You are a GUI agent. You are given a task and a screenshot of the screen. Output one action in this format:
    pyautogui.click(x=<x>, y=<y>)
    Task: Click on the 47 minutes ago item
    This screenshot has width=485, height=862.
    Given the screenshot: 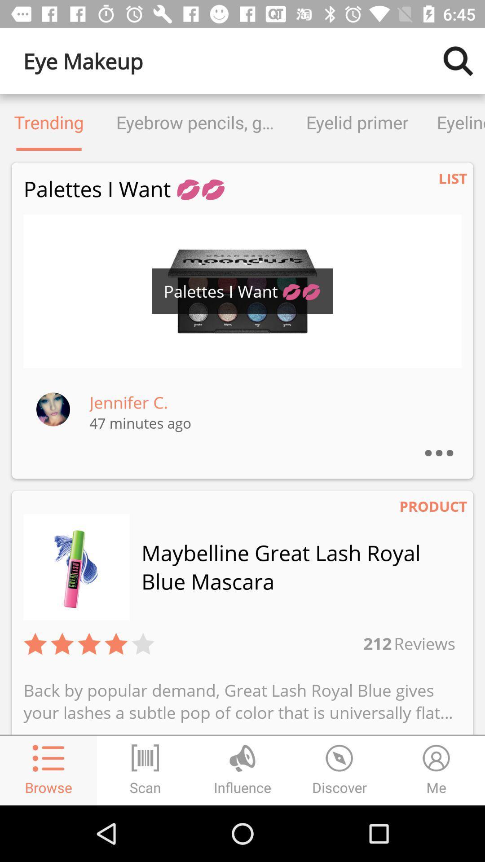 What is the action you would take?
    pyautogui.click(x=140, y=422)
    